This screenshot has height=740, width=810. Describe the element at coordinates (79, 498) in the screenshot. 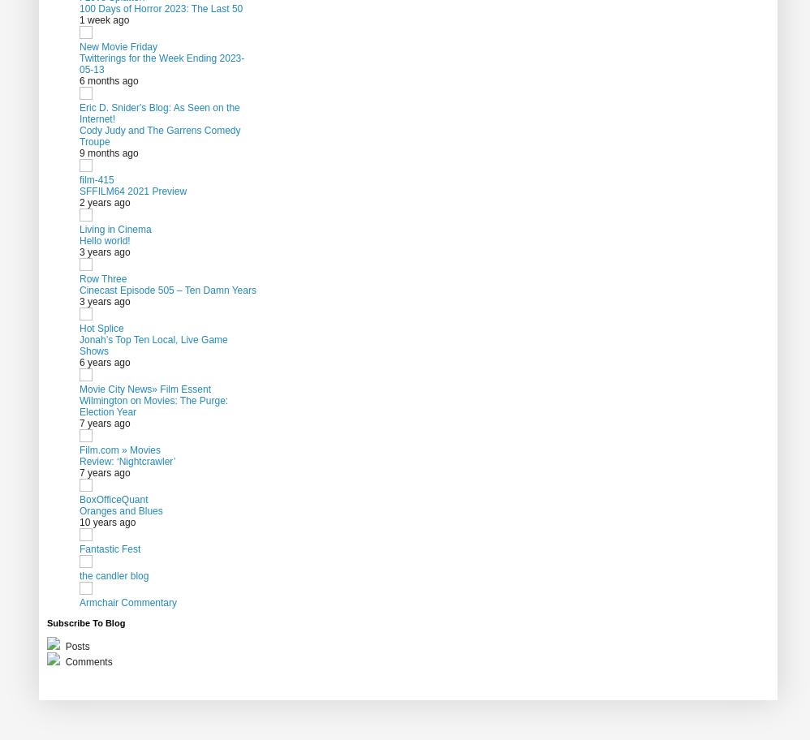

I see `'BoxOfficeQuant'` at that location.